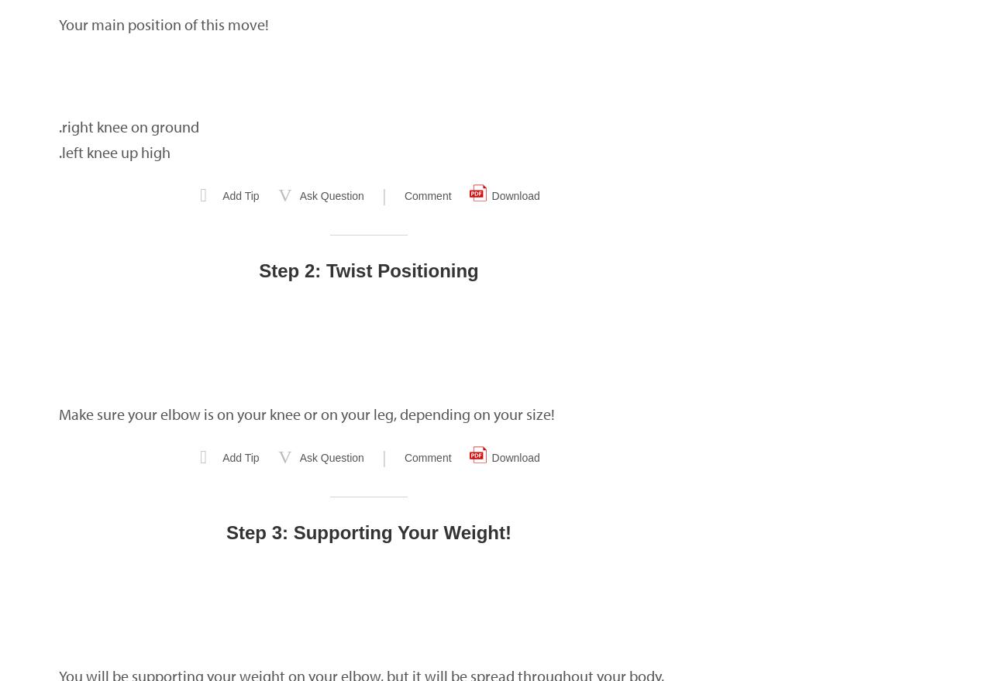 The image size is (992, 681). Describe the element at coordinates (307, 414) in the screenshot. I see `'Make sure your elbow is on your knee or on your leg, depending on your size!'` at that location.